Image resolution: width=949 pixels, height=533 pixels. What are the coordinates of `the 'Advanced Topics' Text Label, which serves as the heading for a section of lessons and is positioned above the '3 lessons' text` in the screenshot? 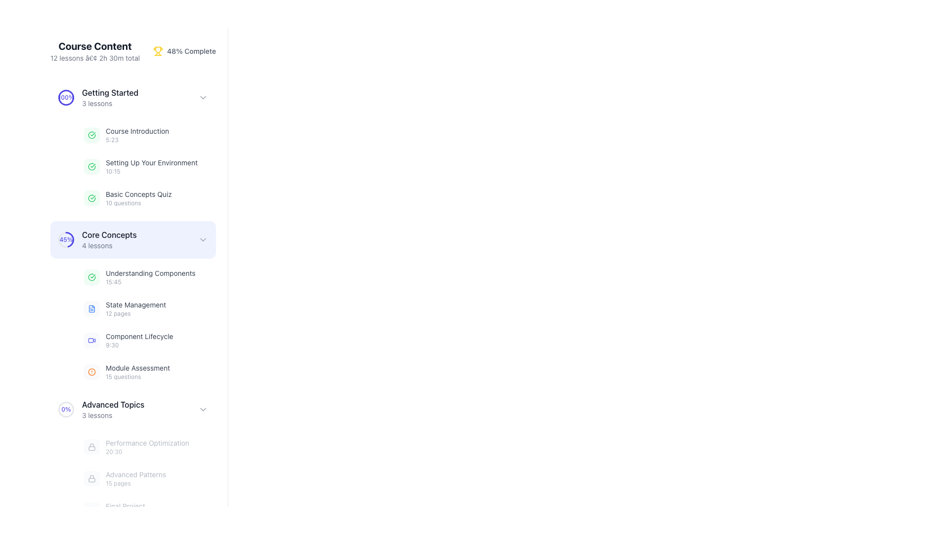 It's located at (113, 405).